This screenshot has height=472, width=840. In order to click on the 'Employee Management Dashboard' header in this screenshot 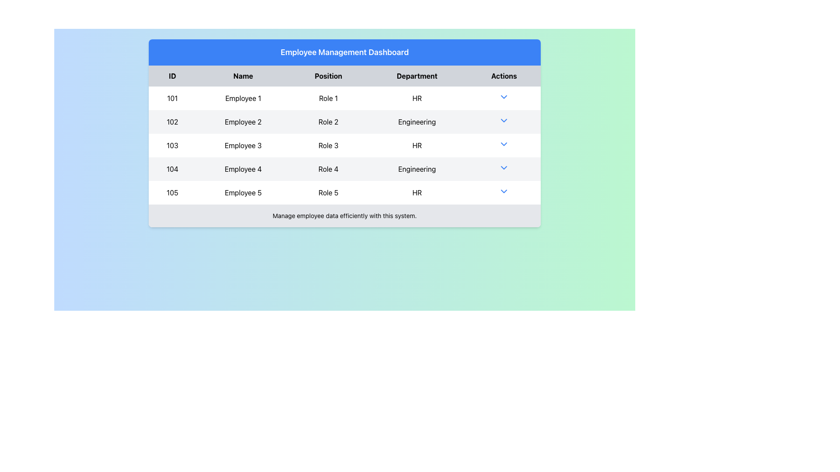, I will do `click(344, 52)`.